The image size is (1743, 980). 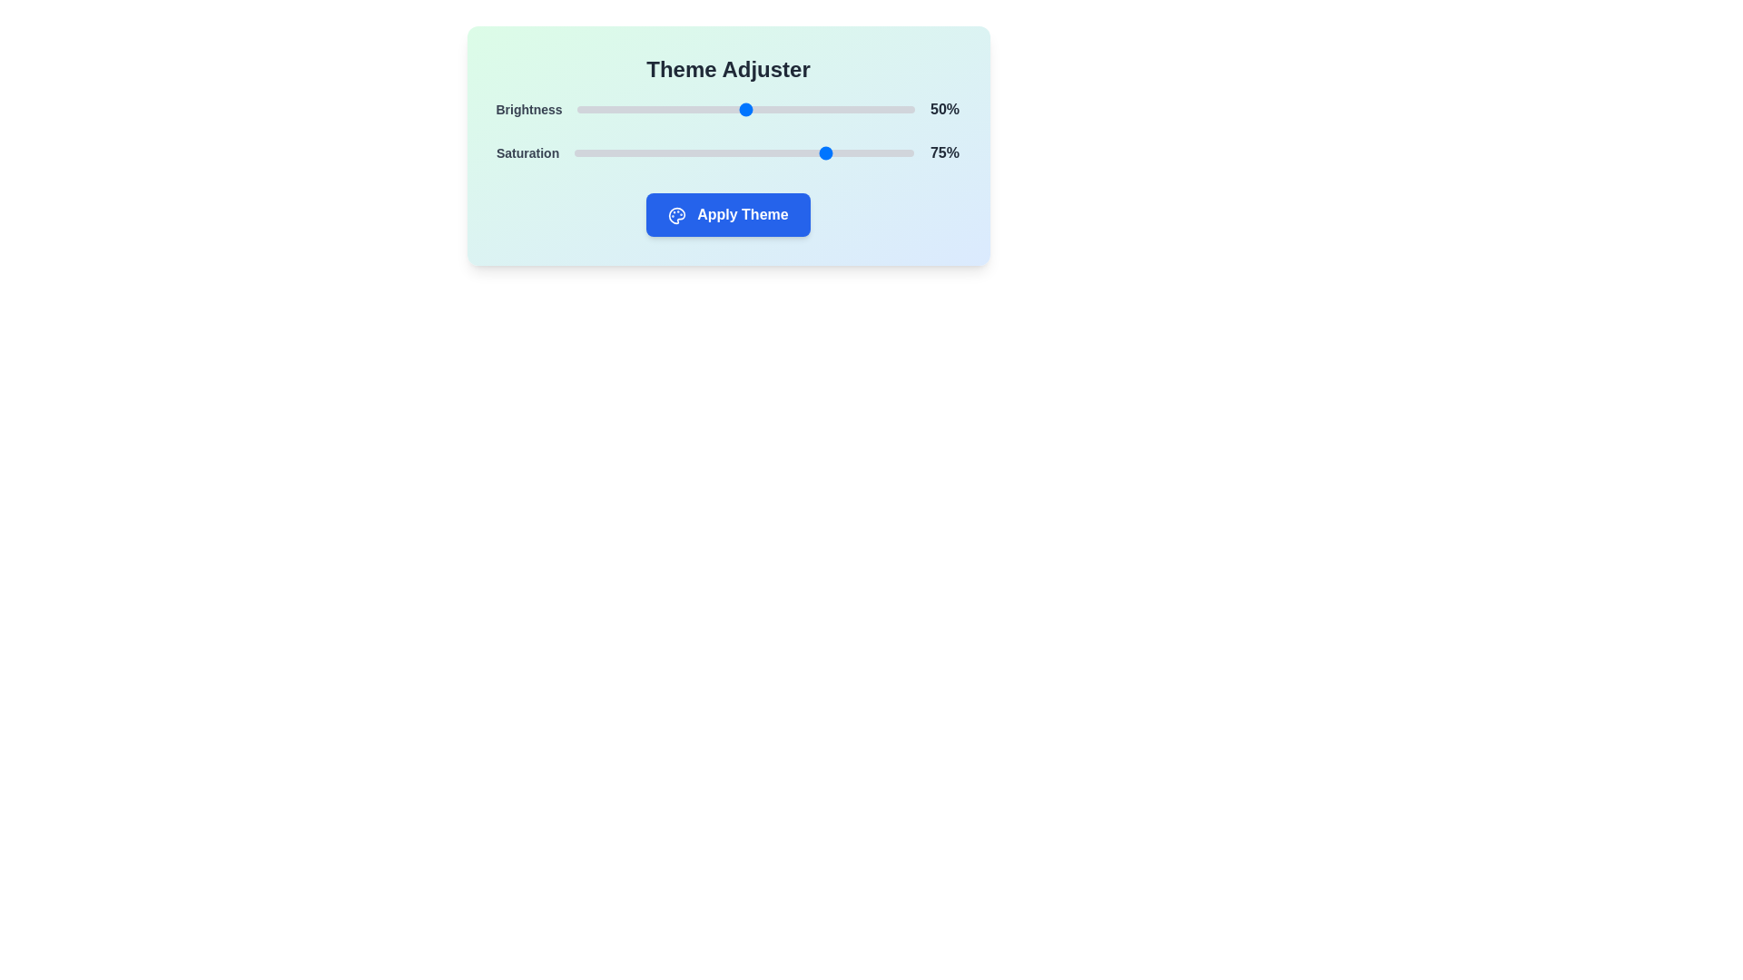 I want to click on the saturation slider to 0%, so click(x=573, y=152).